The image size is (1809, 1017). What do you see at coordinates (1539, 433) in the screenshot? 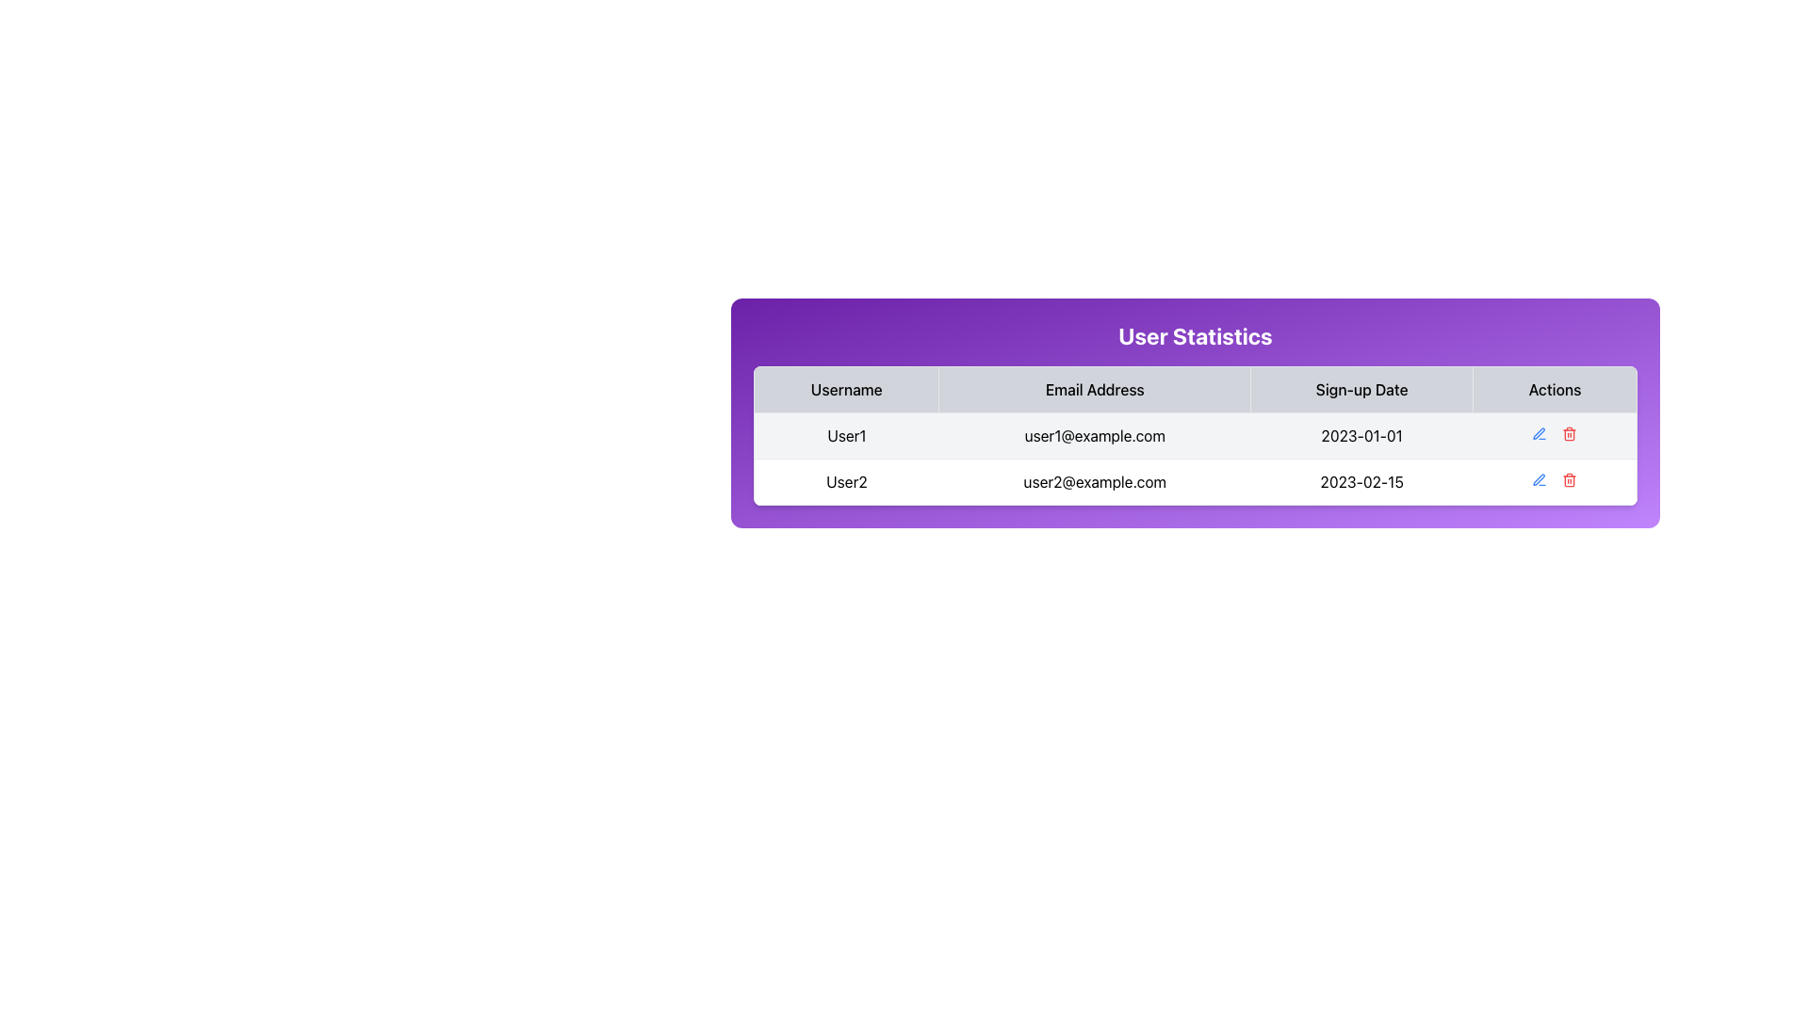
I see `the edit tool button located in the 'Actions' column next to the username 'User2'` at bounding box center [1539, 433].